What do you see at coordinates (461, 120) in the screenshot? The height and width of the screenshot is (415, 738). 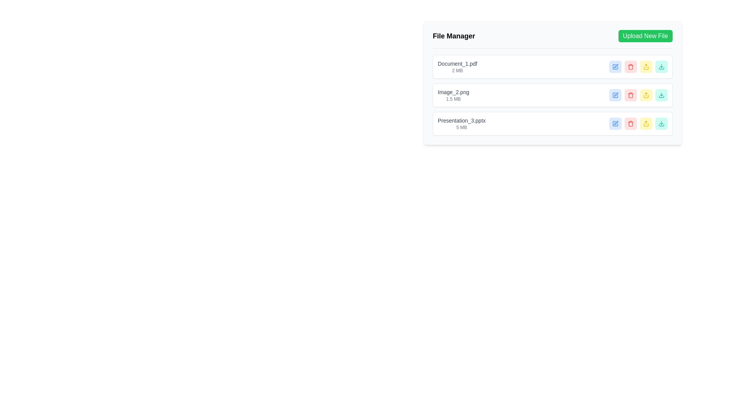 I see `the static text label displaying 'Presentation_3.pptx', which is located prominently above the file size text '5 MB' in the File Manager section` at bounding box center [461, 120].